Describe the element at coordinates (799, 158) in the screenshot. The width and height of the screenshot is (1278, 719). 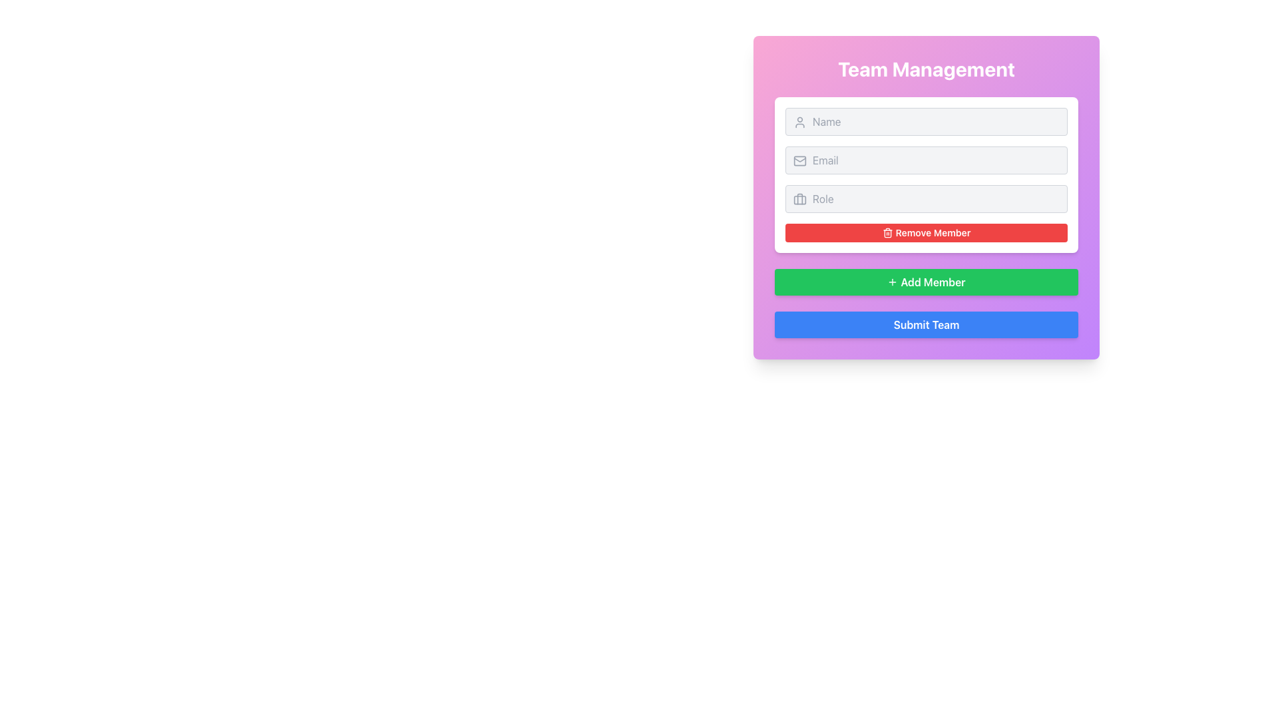
I see `the Decorative SVG icon located within the email input field, which is a non-interactive decorative element styled as a 20x20 pixel square` at that location.